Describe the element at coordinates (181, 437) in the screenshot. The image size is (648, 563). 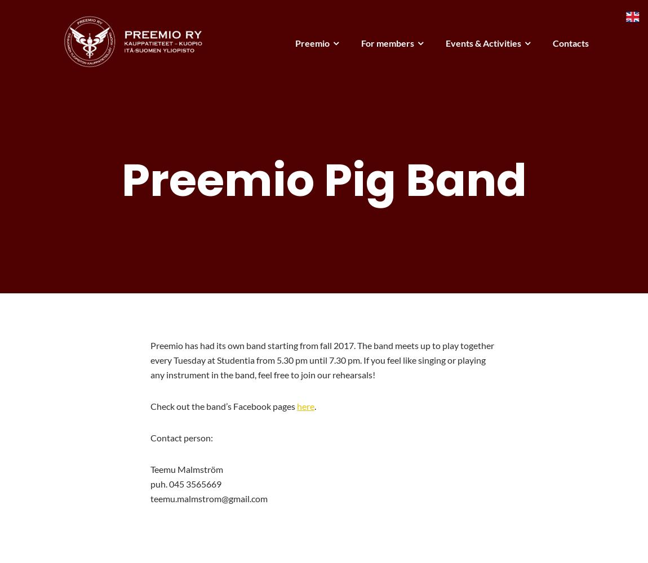
I see `'Contact person:'` at that location.